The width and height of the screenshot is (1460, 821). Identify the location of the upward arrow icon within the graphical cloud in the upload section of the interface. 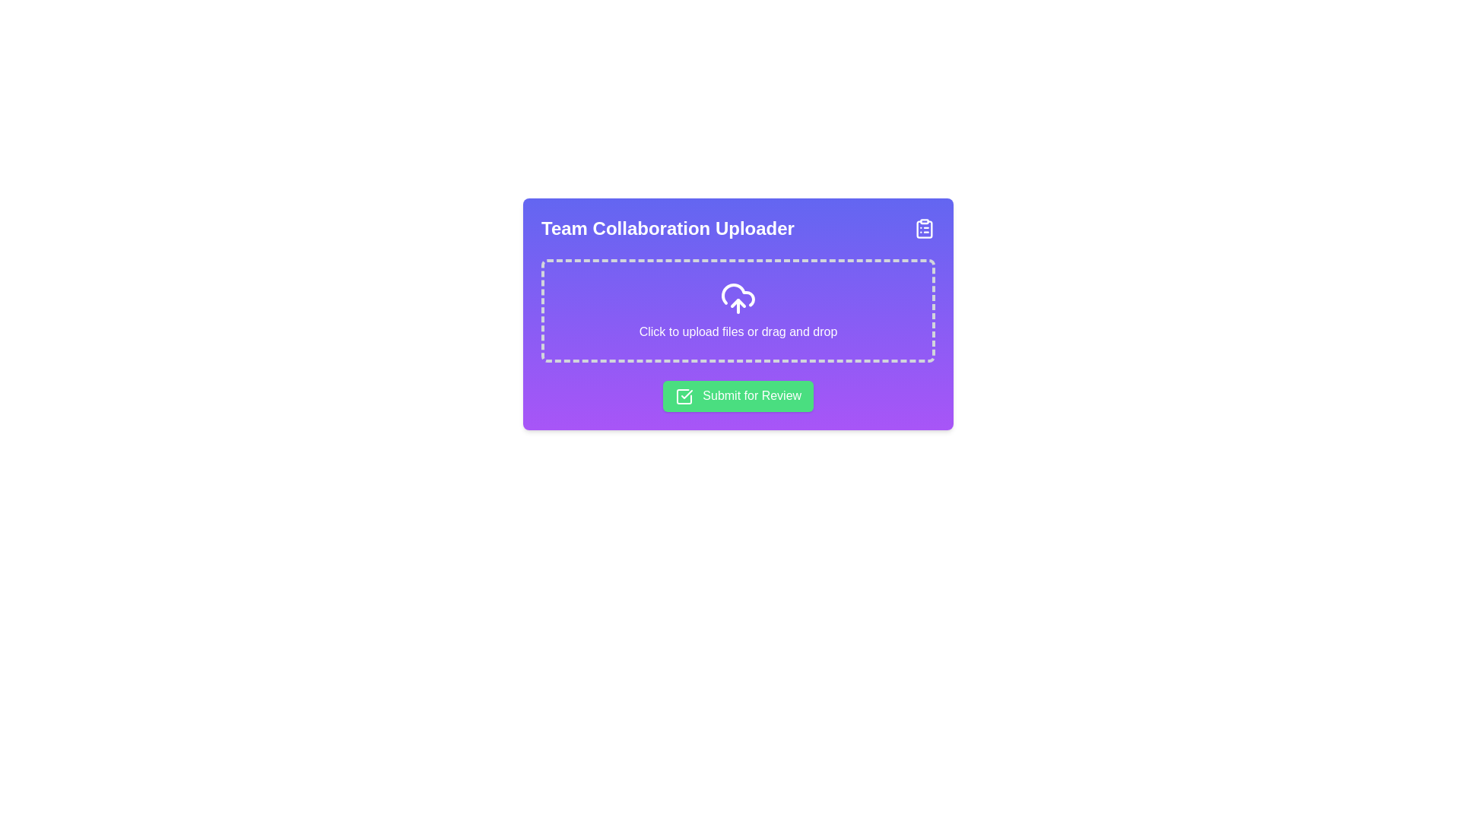
(738, 303).